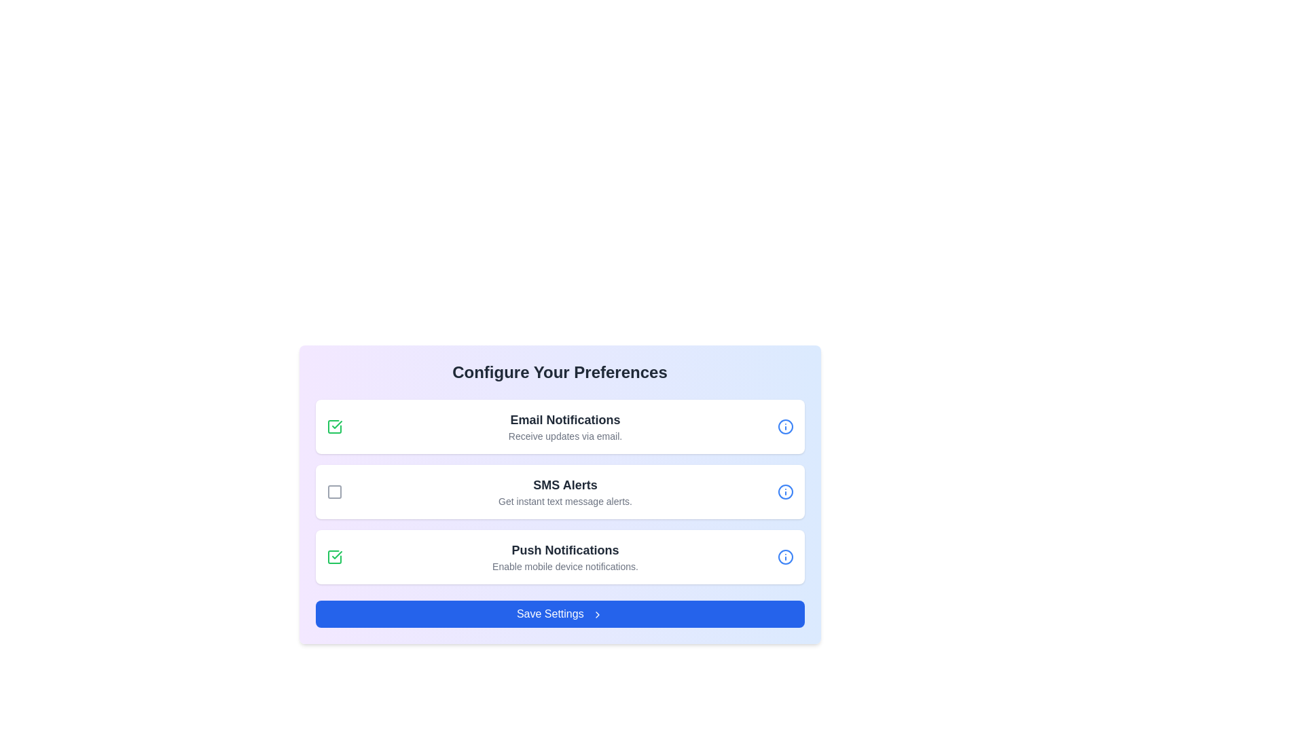  What do you see at coordinates (560, 426) in the screenshot?
I see `the checkbox on the first notification preference item` at bounding box center [560, 426].